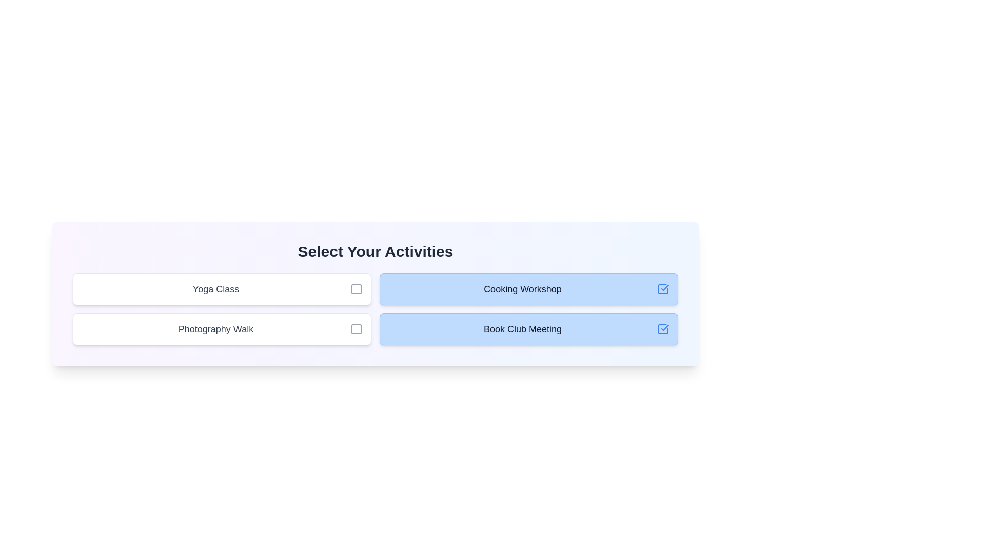  I want to click on the activity identified by its name Cooking Workshop, so click(663, 289).